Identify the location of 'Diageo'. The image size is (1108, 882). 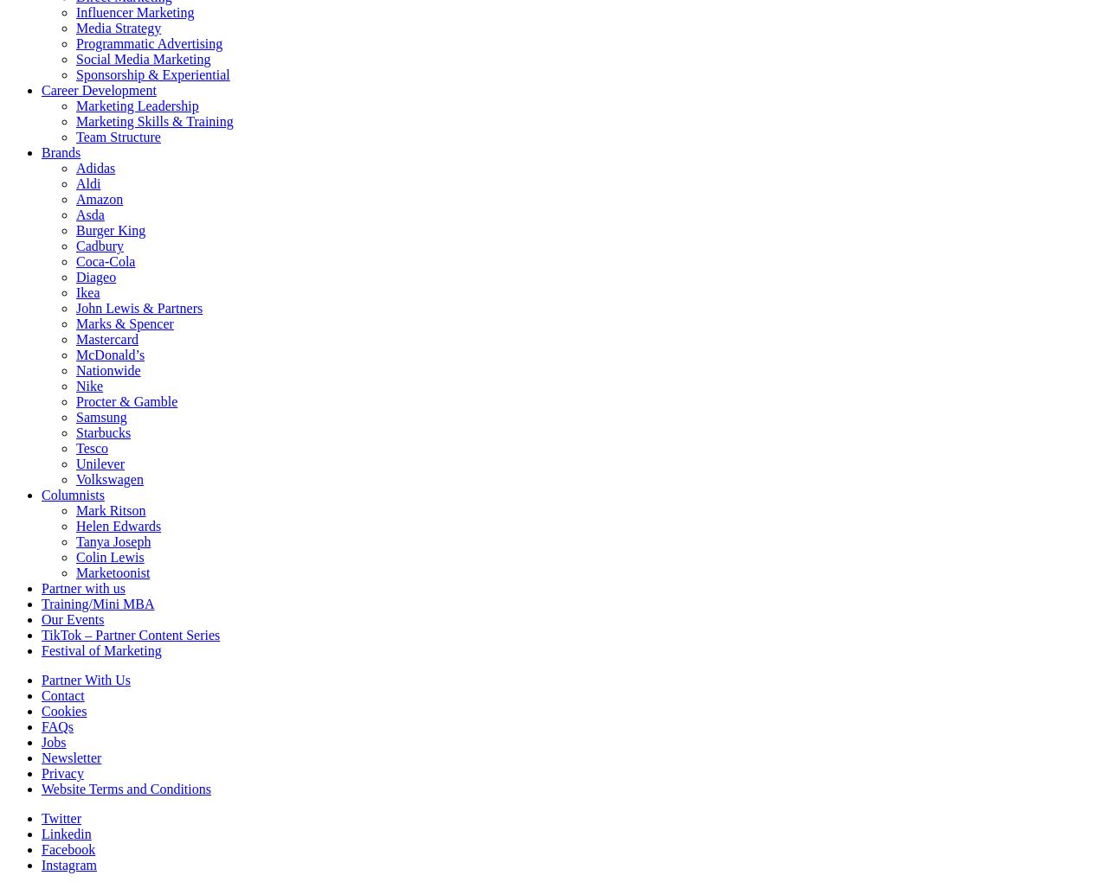
(94, 277).